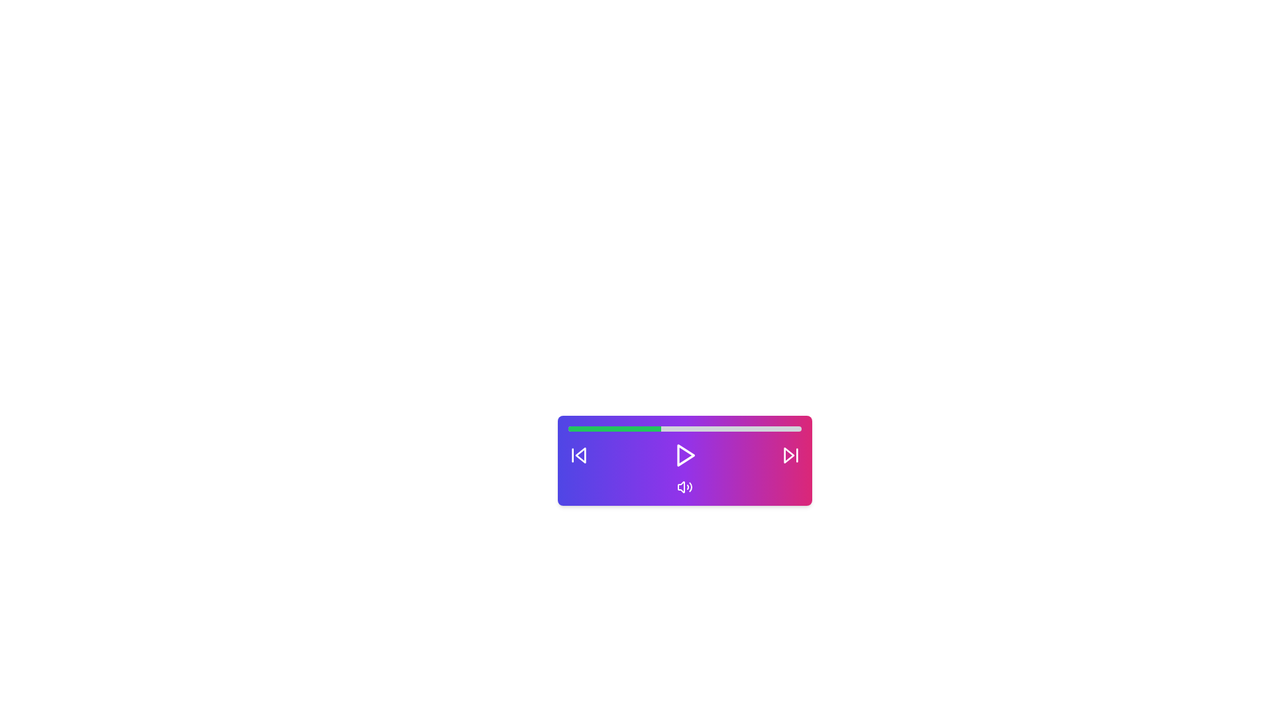 The image size is (1272, 715). What do you see at coordinates (643, 429) in the screenshot?
I see `the volume to 32 percent` at bounding box center [643, 429].